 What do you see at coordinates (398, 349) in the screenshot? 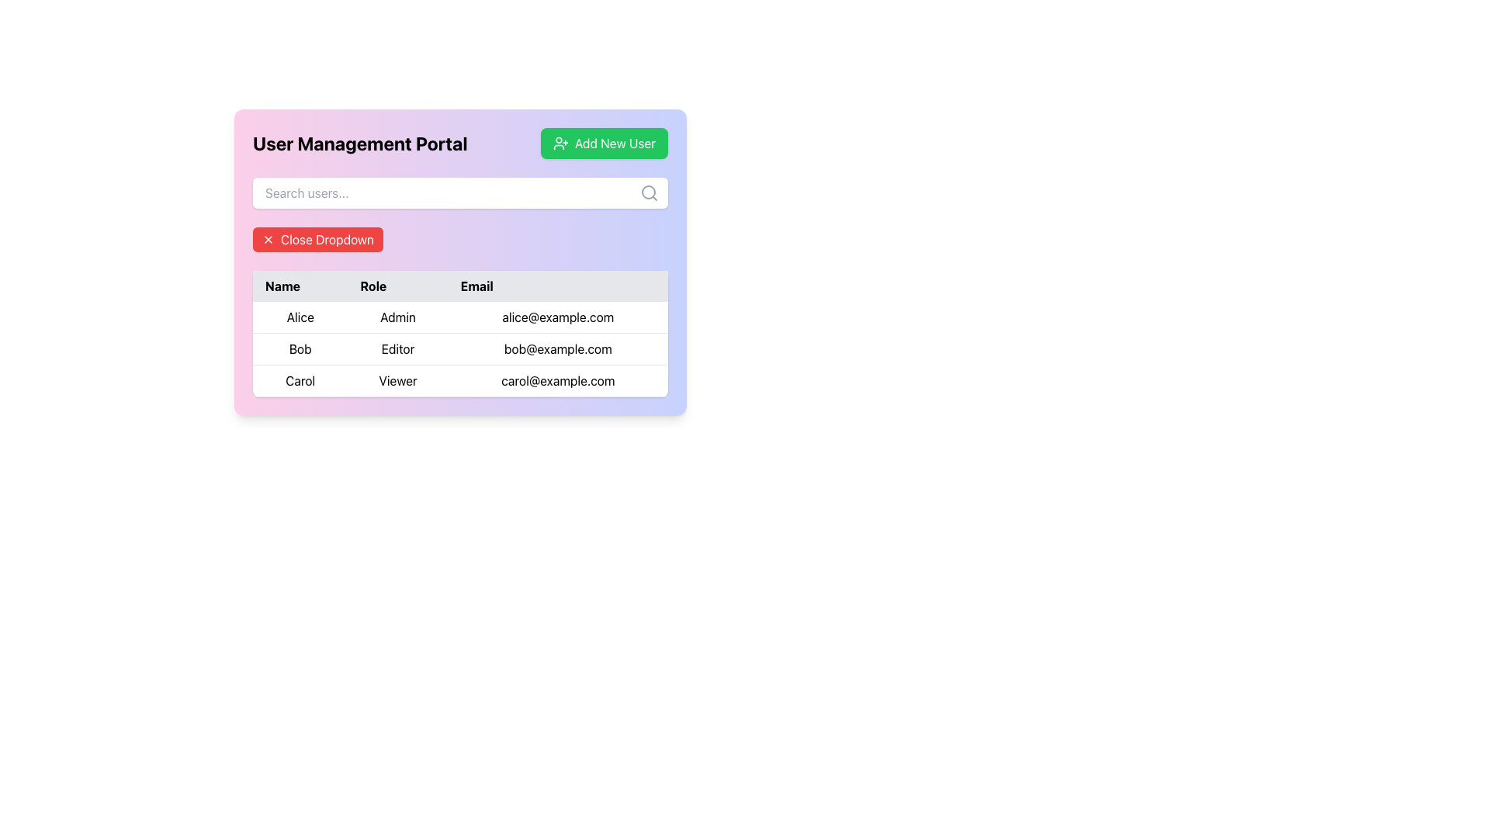
I see `the static text cell containing the word 'Editor' in the 'Role' column of the user management table, located in the second row between 'Bob' and 'bob@example.com'` at bounding box center [398, 349].